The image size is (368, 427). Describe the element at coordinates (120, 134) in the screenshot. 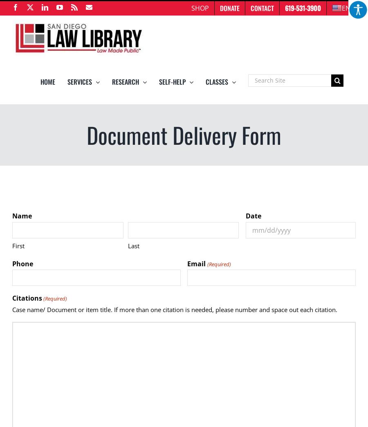

I see `'Databases'` at that location.